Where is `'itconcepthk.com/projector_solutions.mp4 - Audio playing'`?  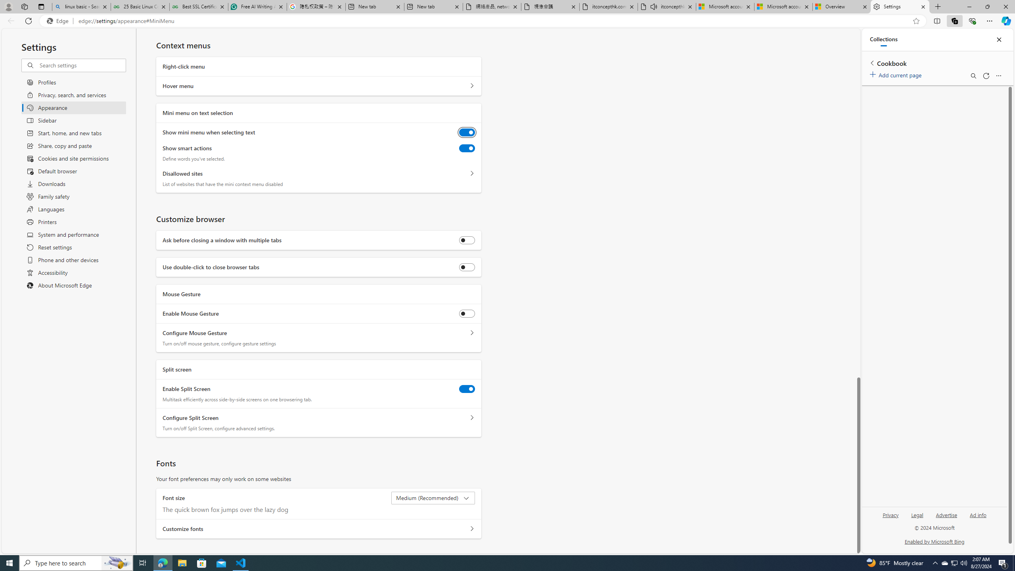
'itconcepthk.com/projector_solutions.mp4 - Audio playing' is located at coordinates (666, 6).